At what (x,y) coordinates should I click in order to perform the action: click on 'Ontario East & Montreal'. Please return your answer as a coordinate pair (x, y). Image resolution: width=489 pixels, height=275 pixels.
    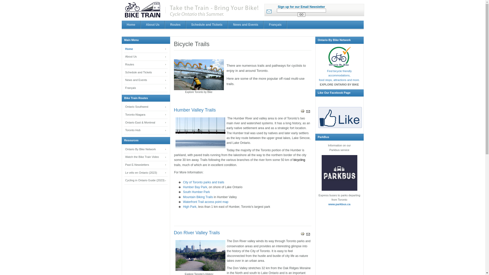
    Looking at the image, I should click on (145, 123).